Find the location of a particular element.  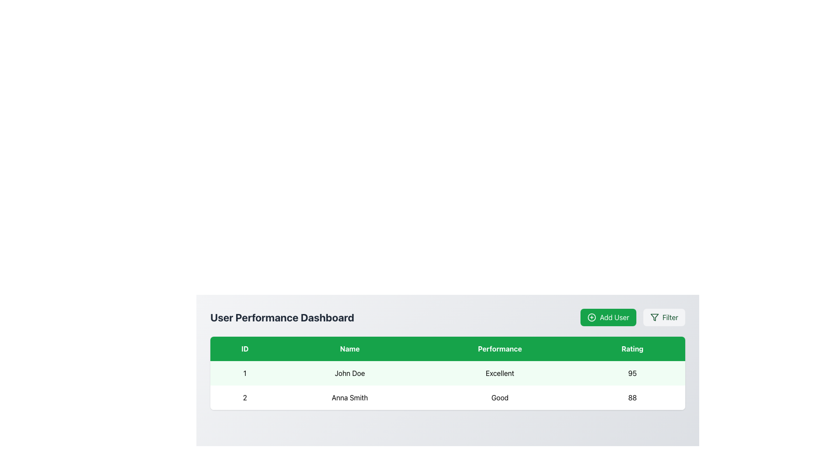

the Table Cell Content that serves as the identifier for the second entry in the table under the 'ID' column is located at coordinates (244, 397).